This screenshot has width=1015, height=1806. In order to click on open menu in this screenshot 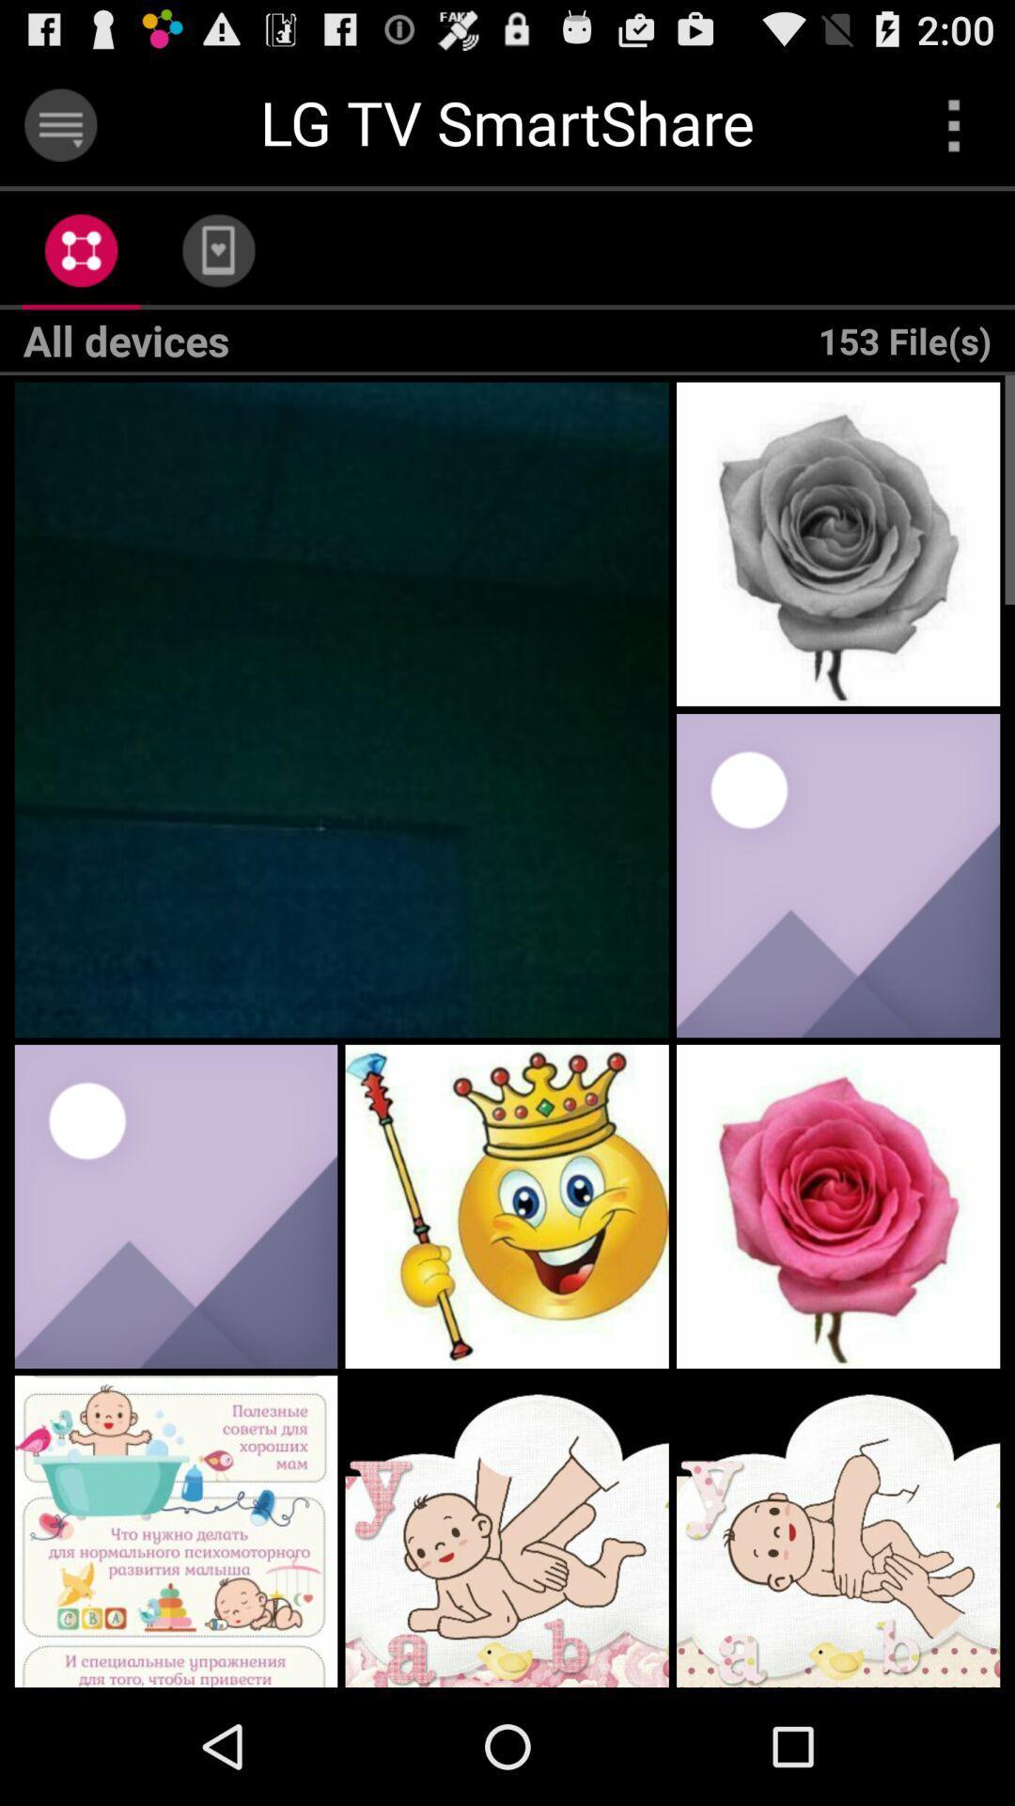, I will do `click(59, 124)`.